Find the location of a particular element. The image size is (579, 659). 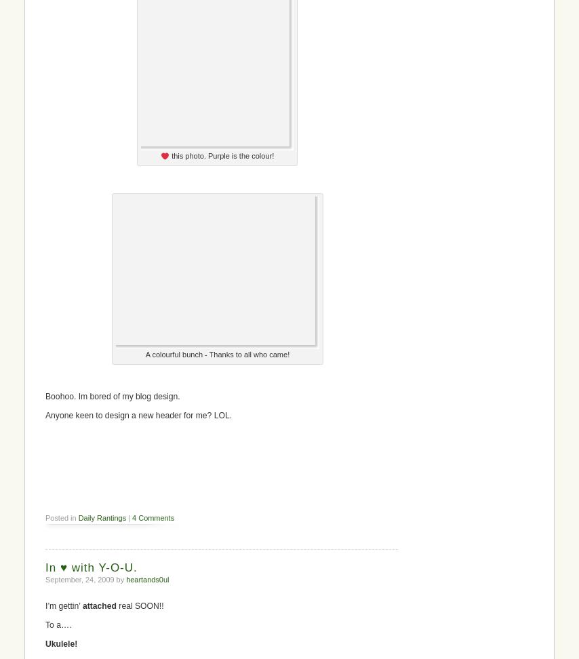

'4 Comments' is located at coordinates (153, 517).